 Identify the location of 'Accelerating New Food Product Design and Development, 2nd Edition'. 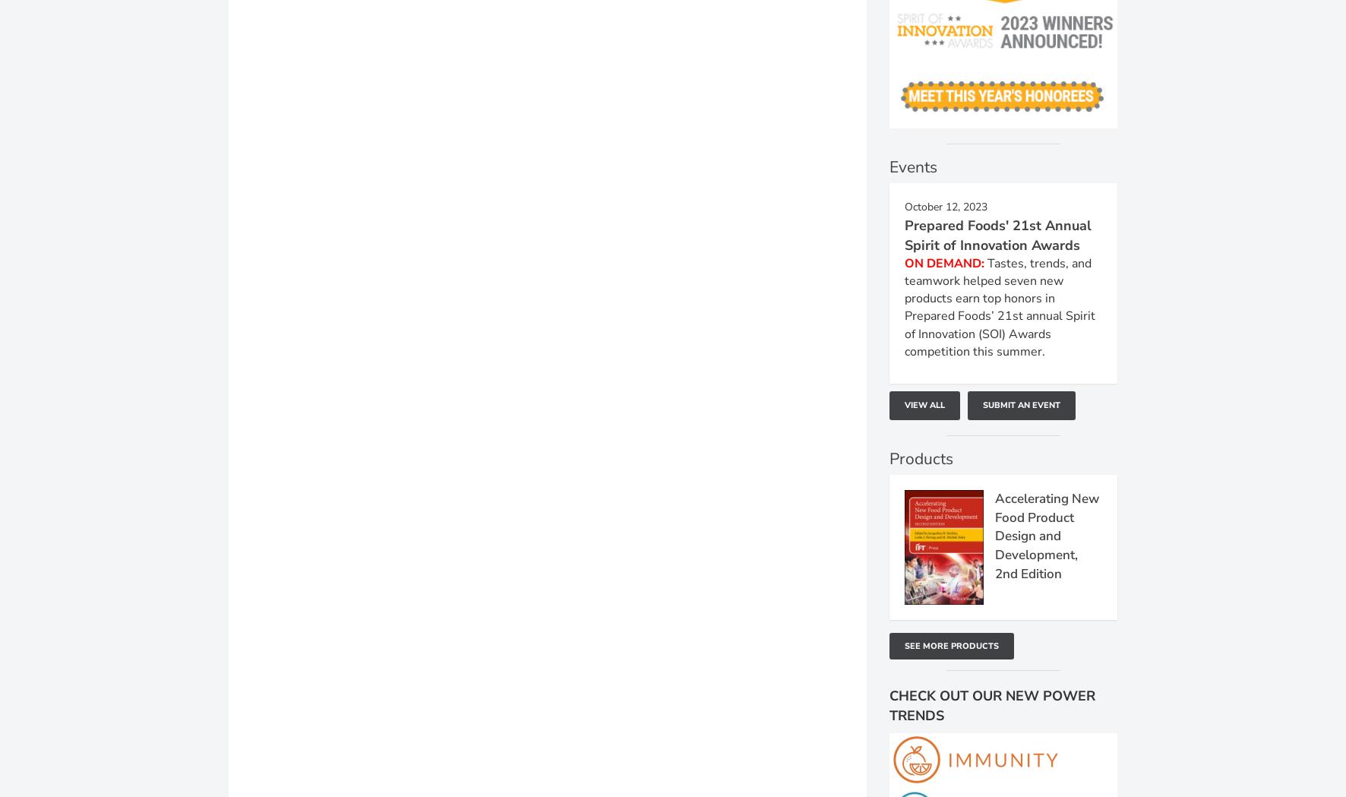
(1046, 536).